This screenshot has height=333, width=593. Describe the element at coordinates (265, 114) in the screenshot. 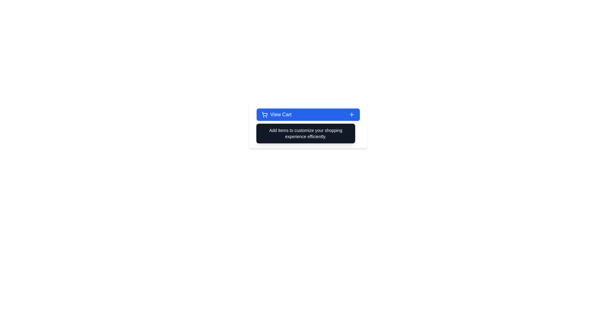

I see `the shopping cart icon element, which features a bold outline and is centrally located between two circular wheel elements, near the 'View Cart' button` at that location.